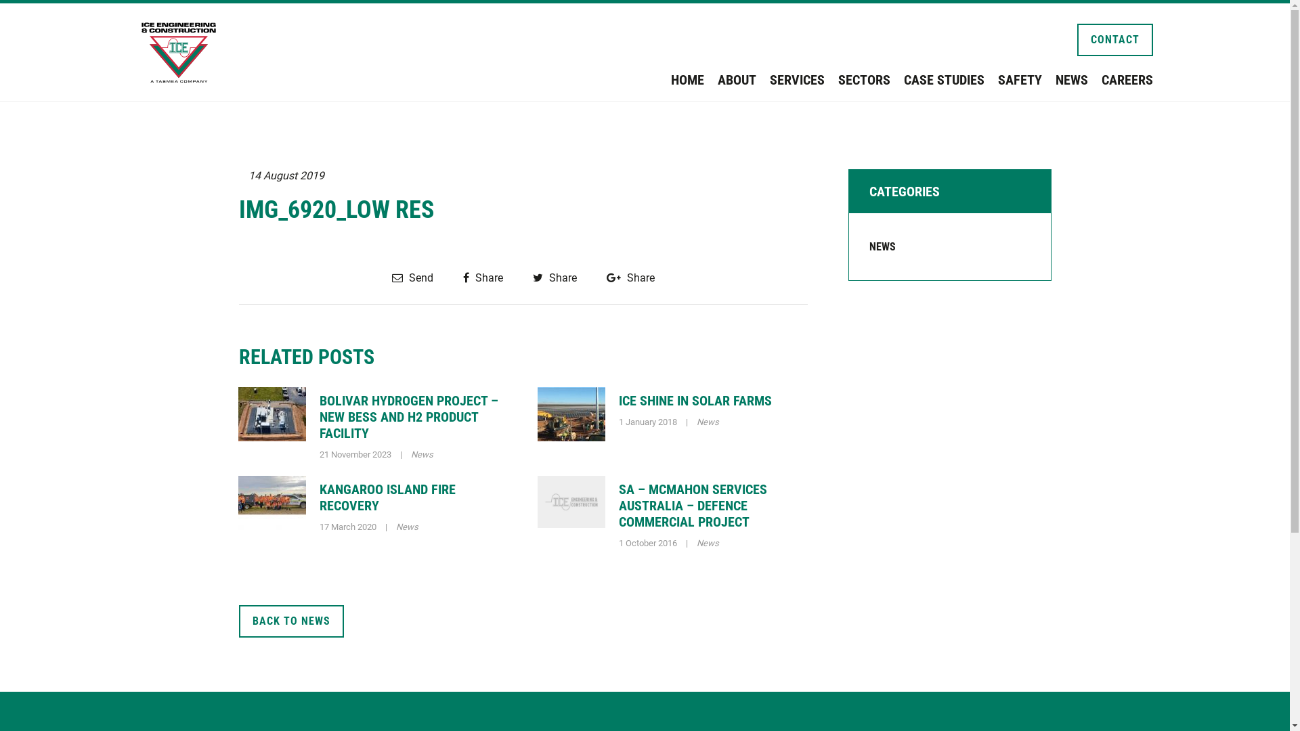  I want to click on 'BACK TO NEWS', so click(238, 621).